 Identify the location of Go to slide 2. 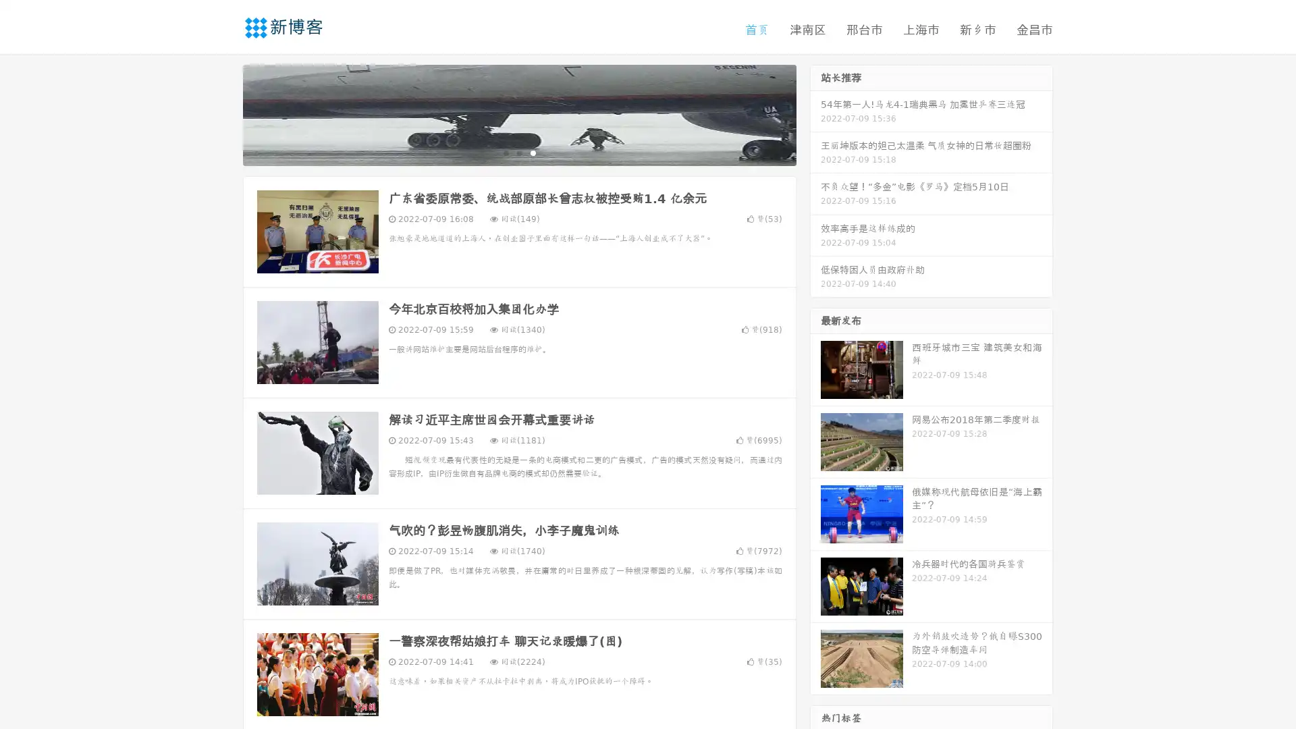
(518, 152).